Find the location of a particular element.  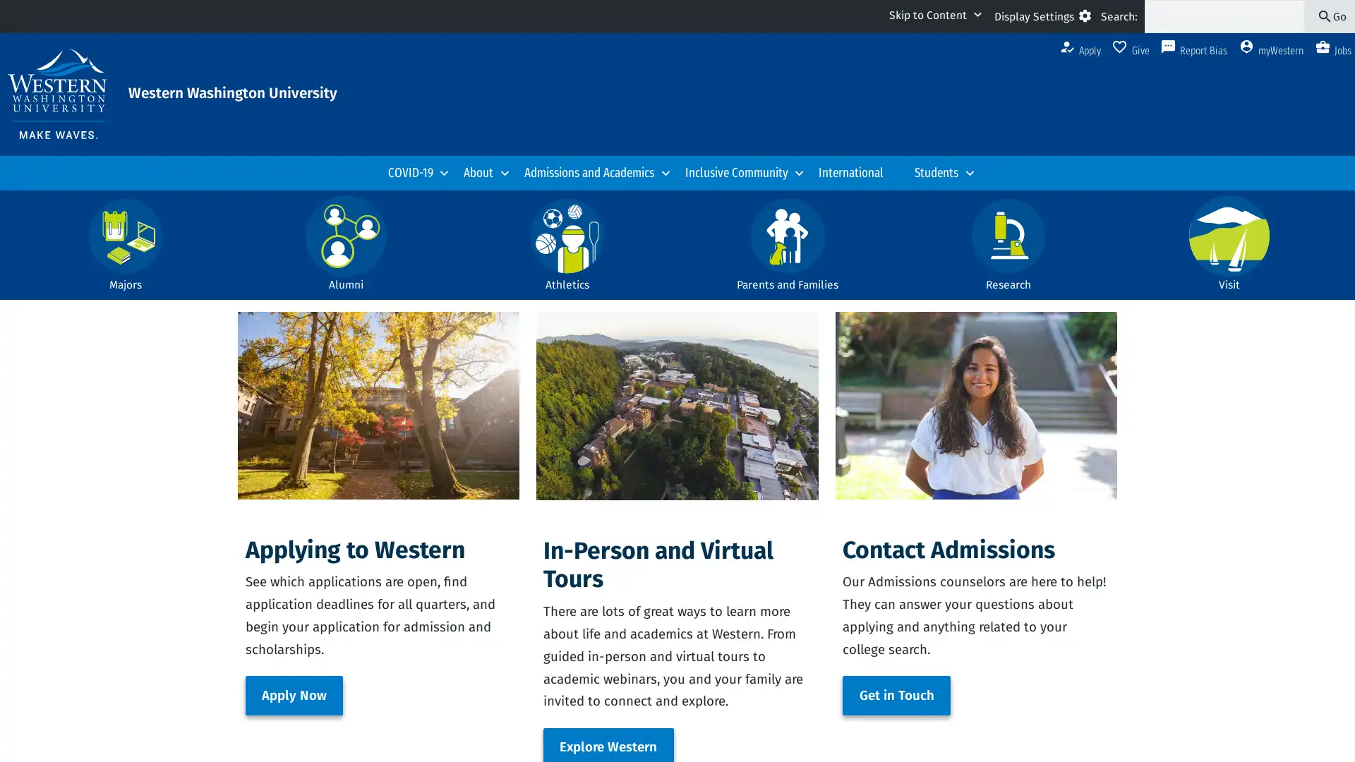

Students is located at coordinates (941, 172).